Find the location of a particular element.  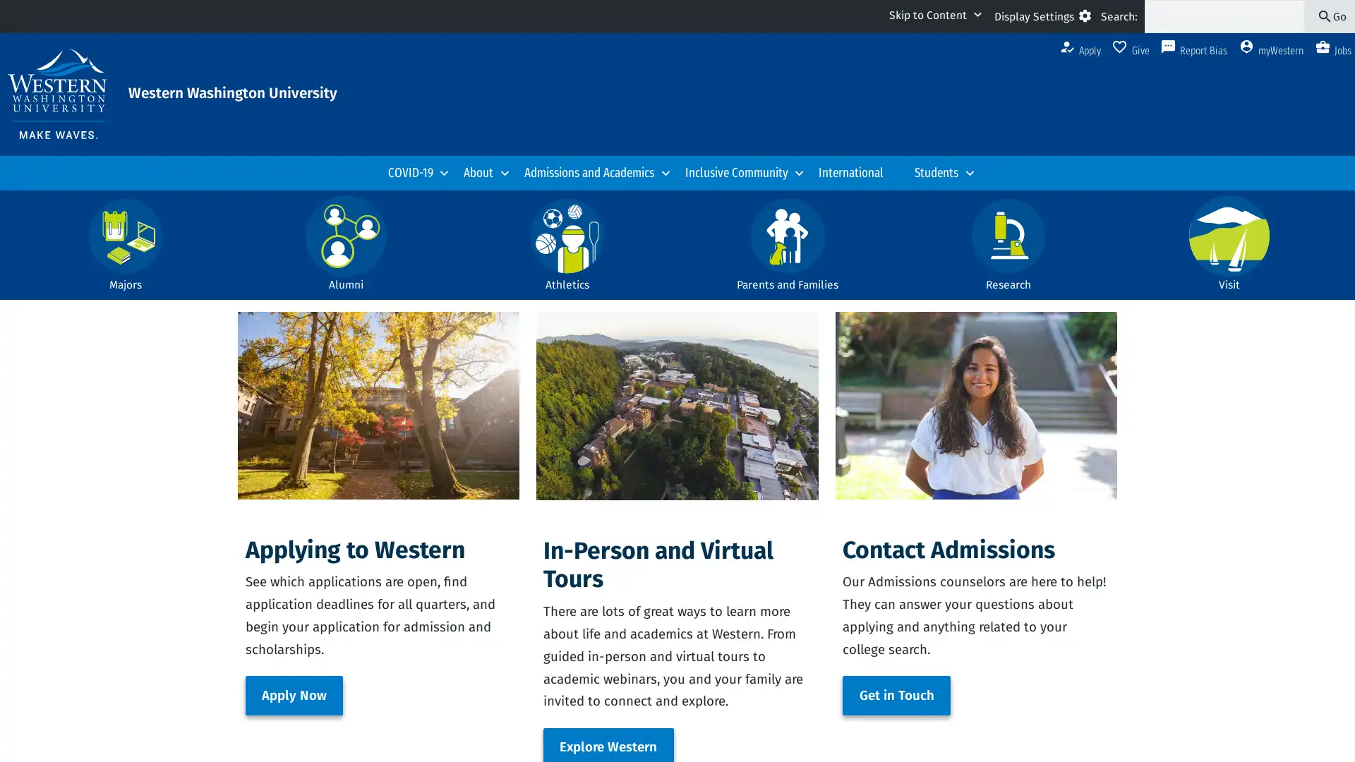

Students is located at coordinates (941, 172).